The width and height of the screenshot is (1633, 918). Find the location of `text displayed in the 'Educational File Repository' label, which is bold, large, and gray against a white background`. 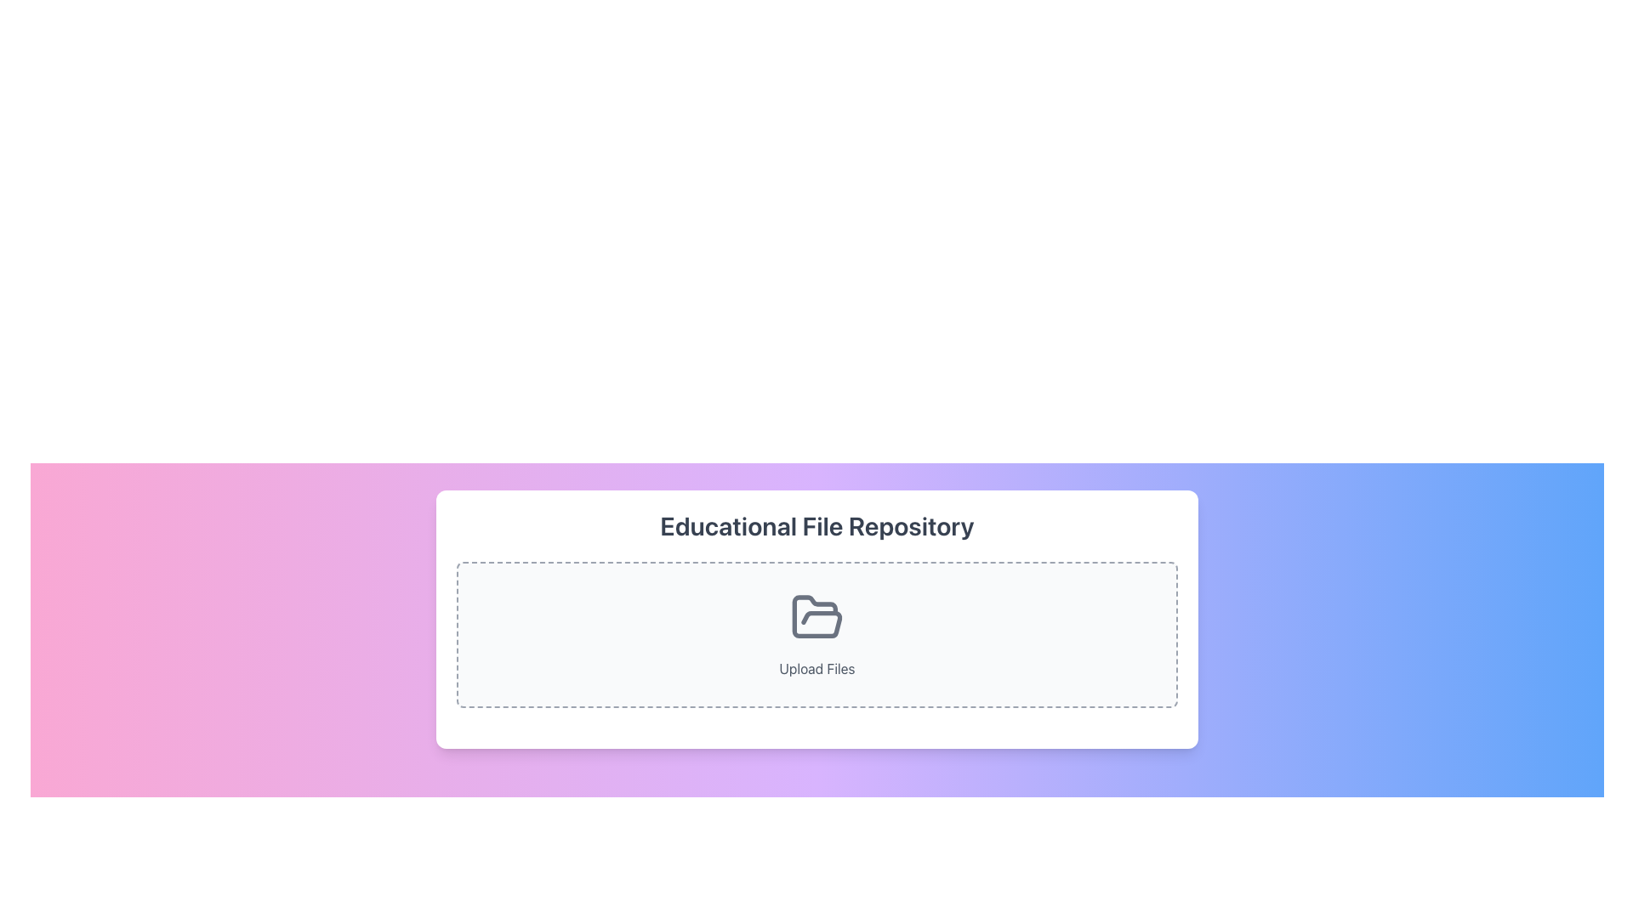

text displayed in the 'Educational File Repository' label, which is bold, large, and gray against a white background is located at coordinates (816, 524).